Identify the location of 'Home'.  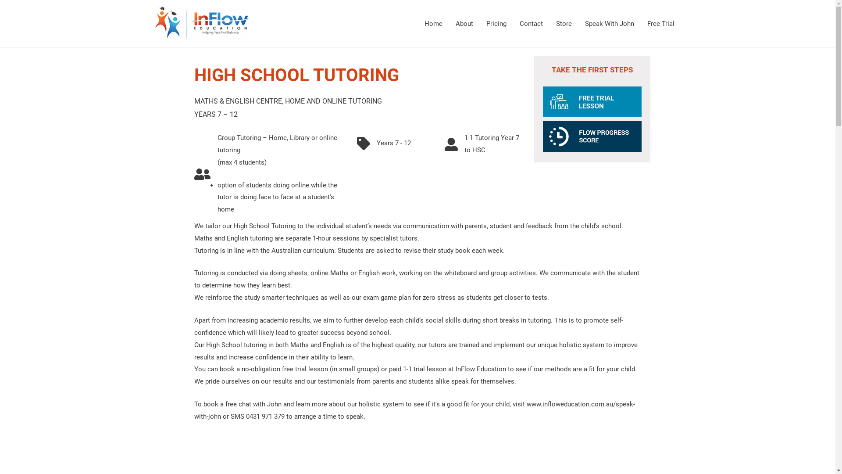
(417, 23).